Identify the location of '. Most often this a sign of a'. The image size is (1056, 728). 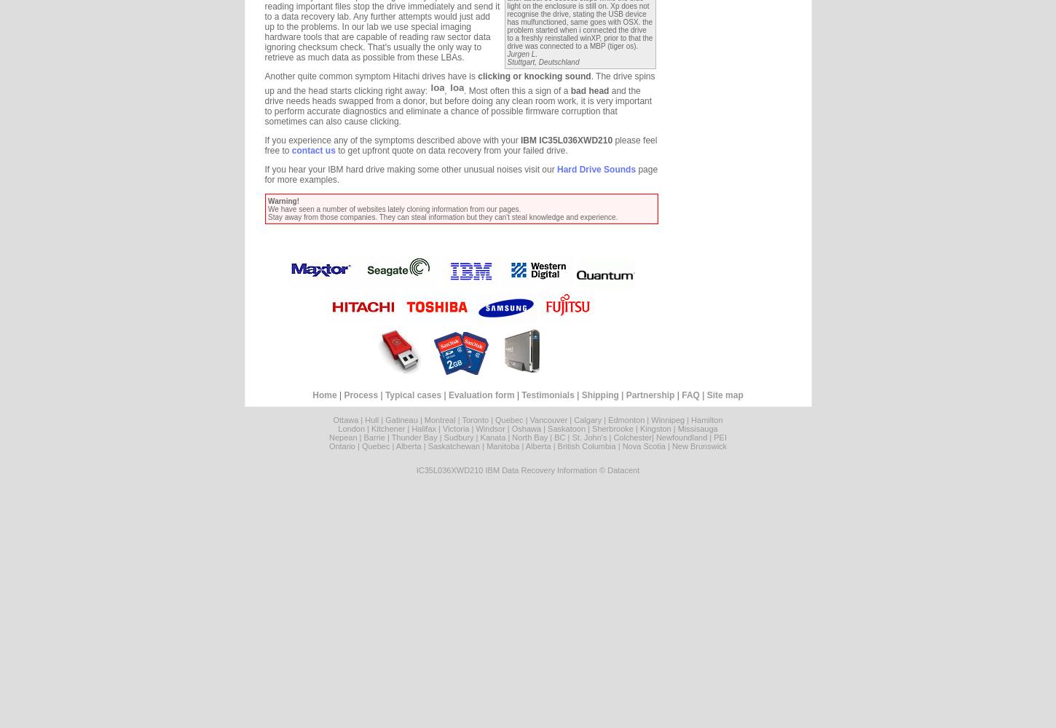
(516, 91).